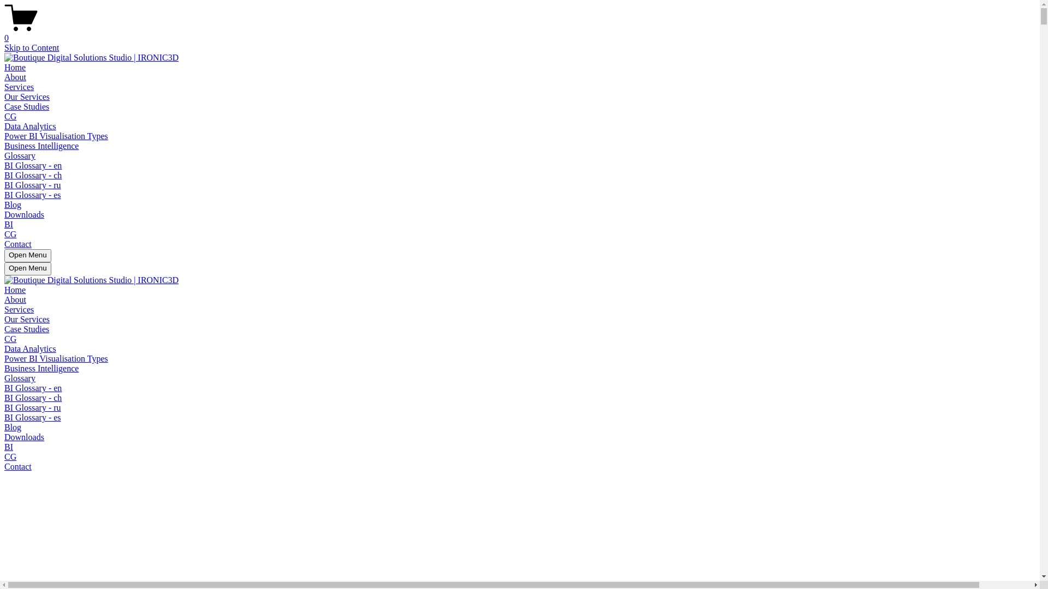 This screenshot has width=1048, height=589. Describe the element at coordinates (8, 447) in the screenshot. I see `'BI'` at that location.